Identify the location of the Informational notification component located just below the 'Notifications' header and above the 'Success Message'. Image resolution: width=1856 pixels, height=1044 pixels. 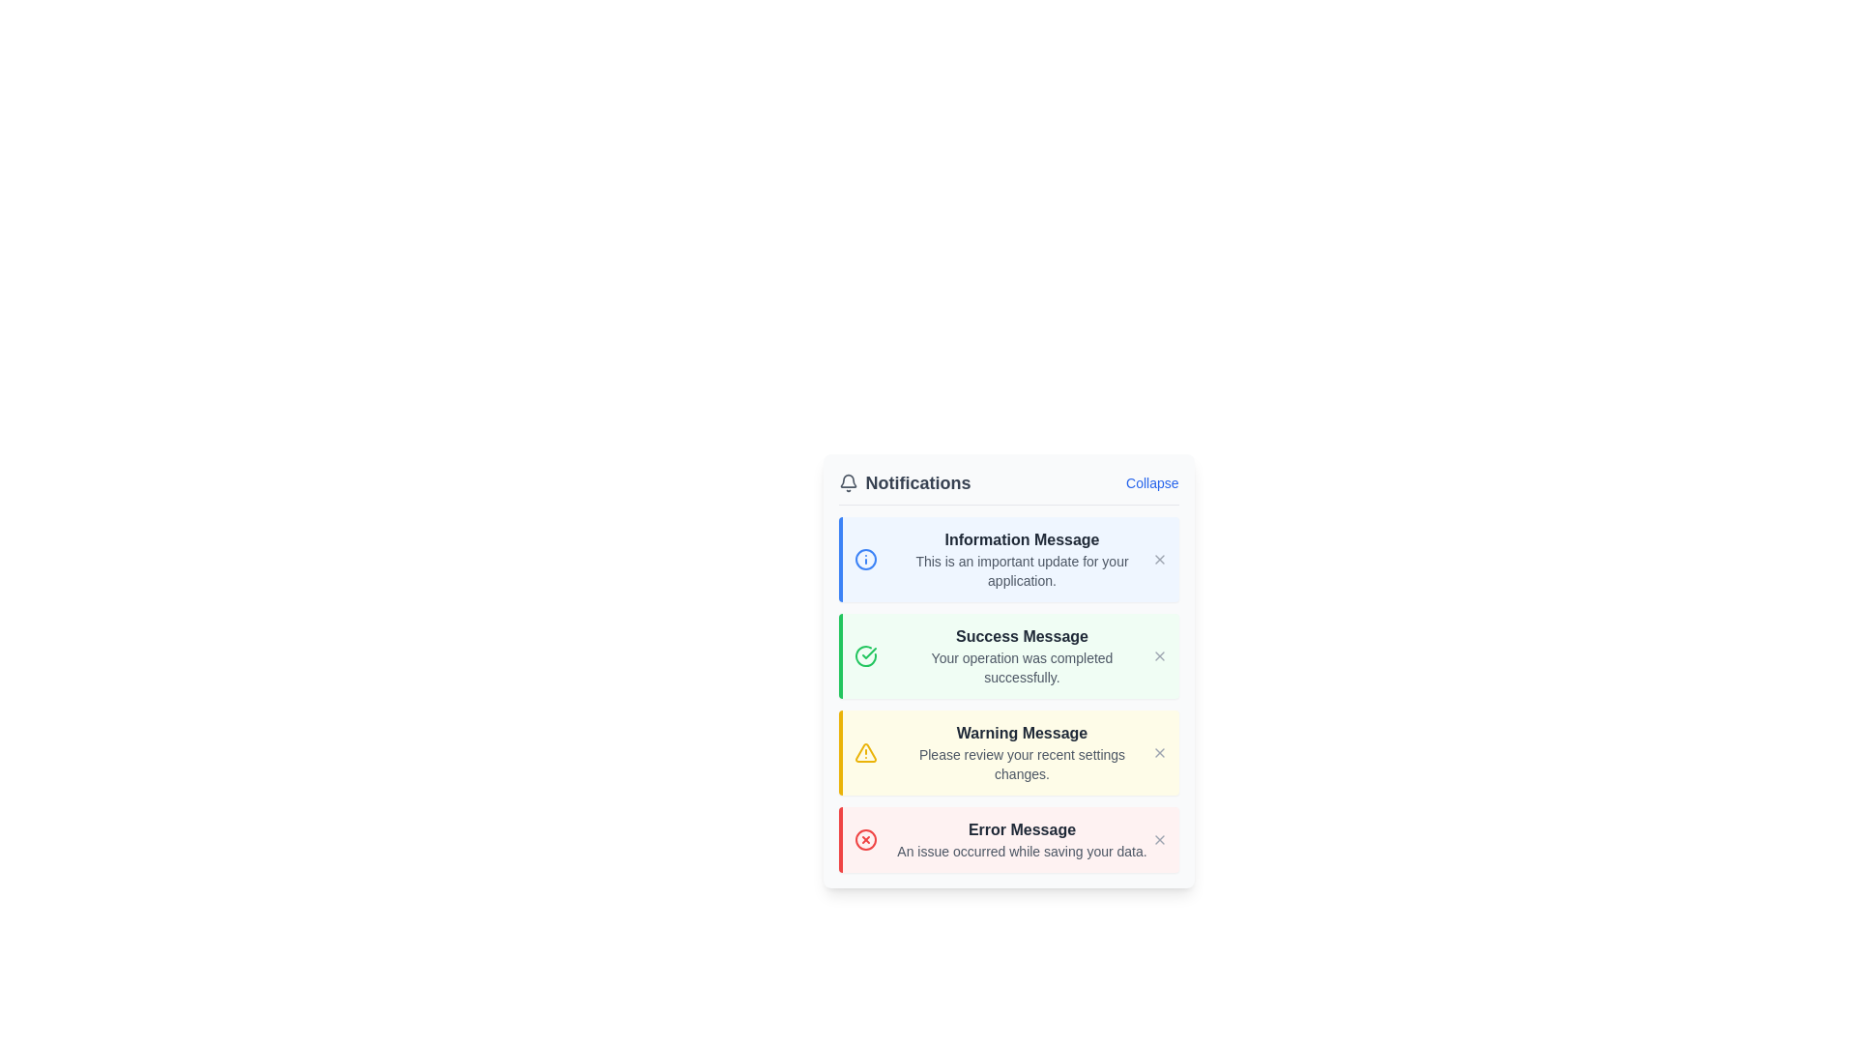
(1007, 559).